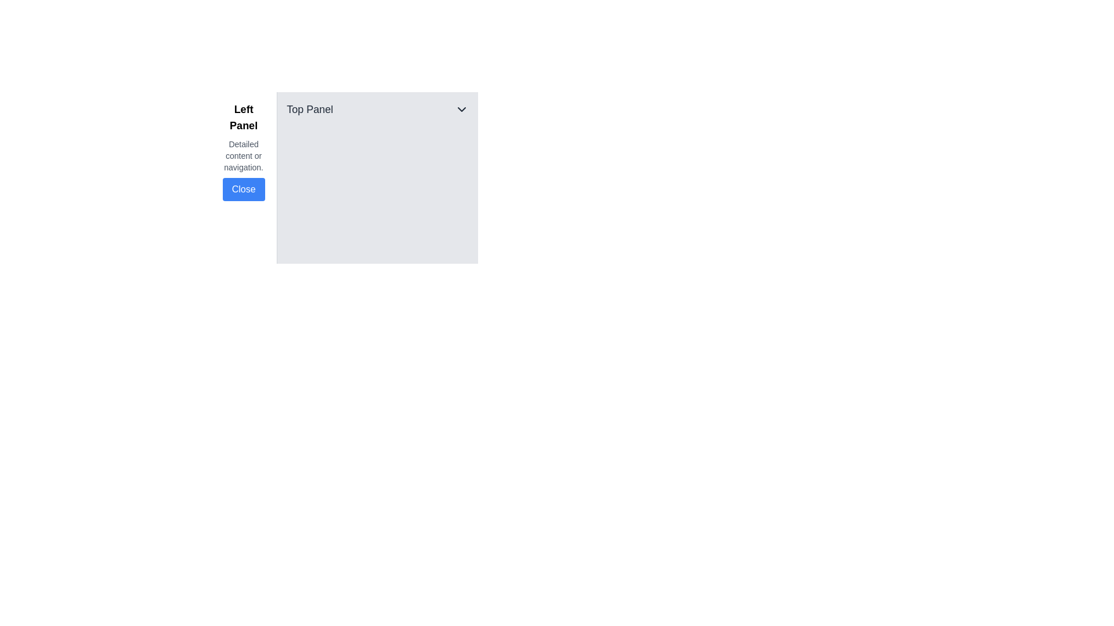 The image size is (1114, 626). I want to click on the Dropdown toggle located in the upper-right corner of the 'Top Panel', so click(461, 110).